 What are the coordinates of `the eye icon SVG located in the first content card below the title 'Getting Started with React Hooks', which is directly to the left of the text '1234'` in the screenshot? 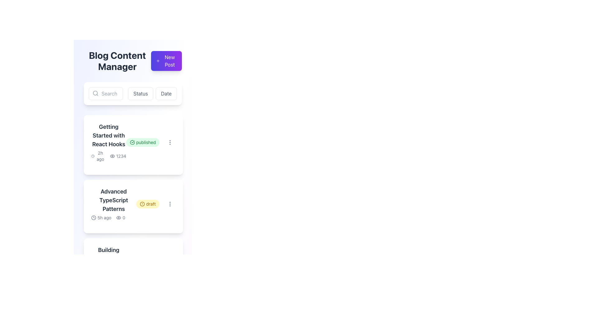 It's located at (112, 156).